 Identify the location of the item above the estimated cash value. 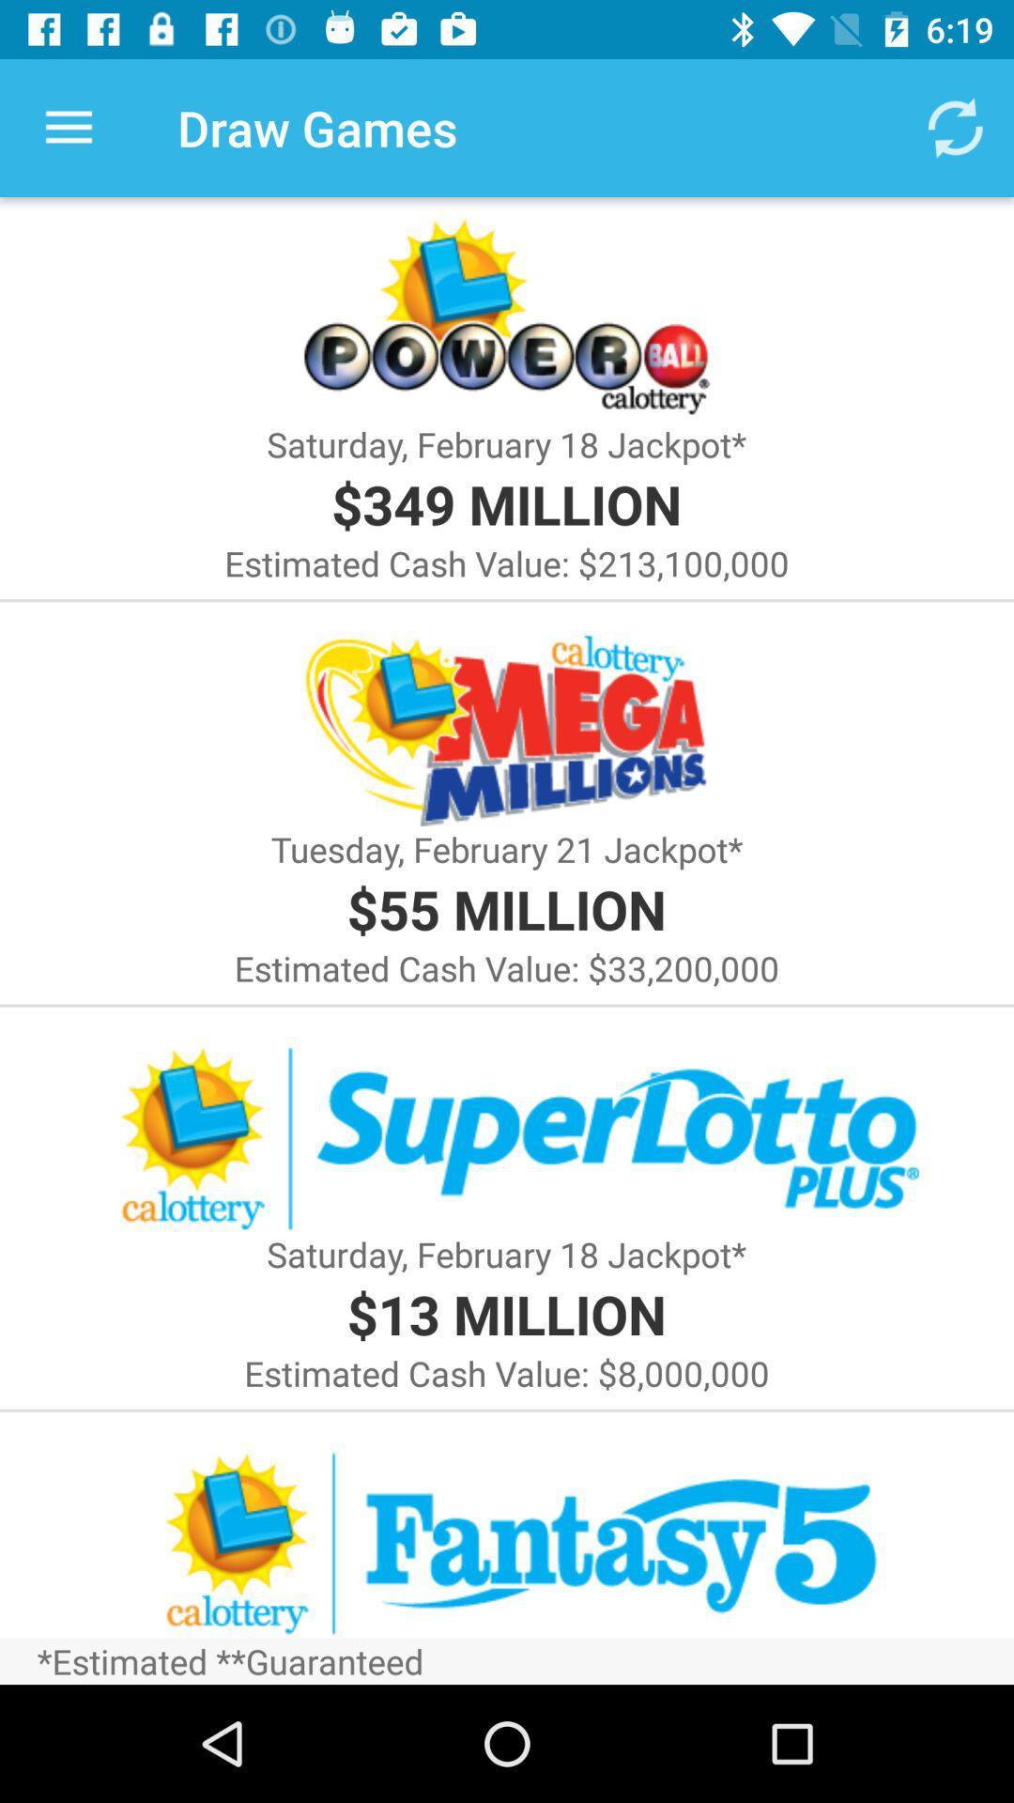
(505, 1313).